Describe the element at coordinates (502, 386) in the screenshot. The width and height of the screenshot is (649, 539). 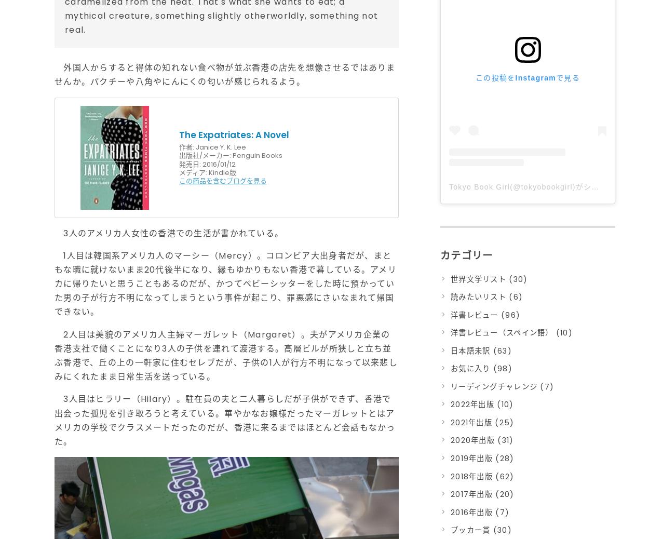
I see `'リーディングチャレンジ (7)'` at that location.